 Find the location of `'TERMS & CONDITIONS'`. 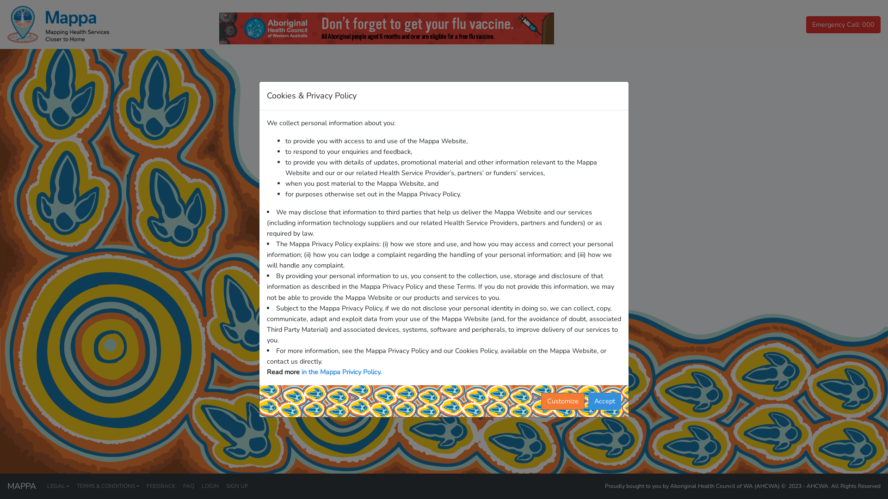

'TERMS & CONDITIONS' is located at coordinates (108, 486).